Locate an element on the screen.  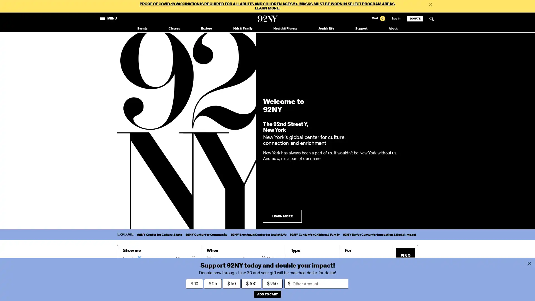
Add to Cart is located at coordinates (267, 294).